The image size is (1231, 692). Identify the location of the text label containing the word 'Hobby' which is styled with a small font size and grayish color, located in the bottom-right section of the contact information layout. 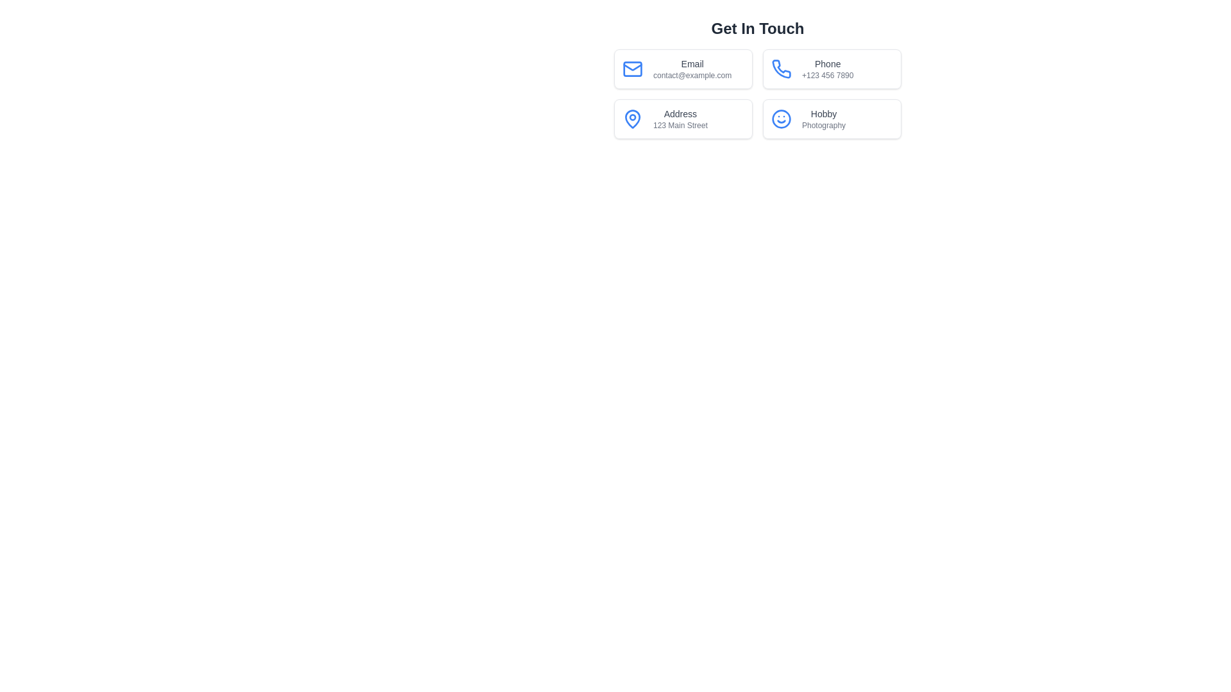
(824, 113).